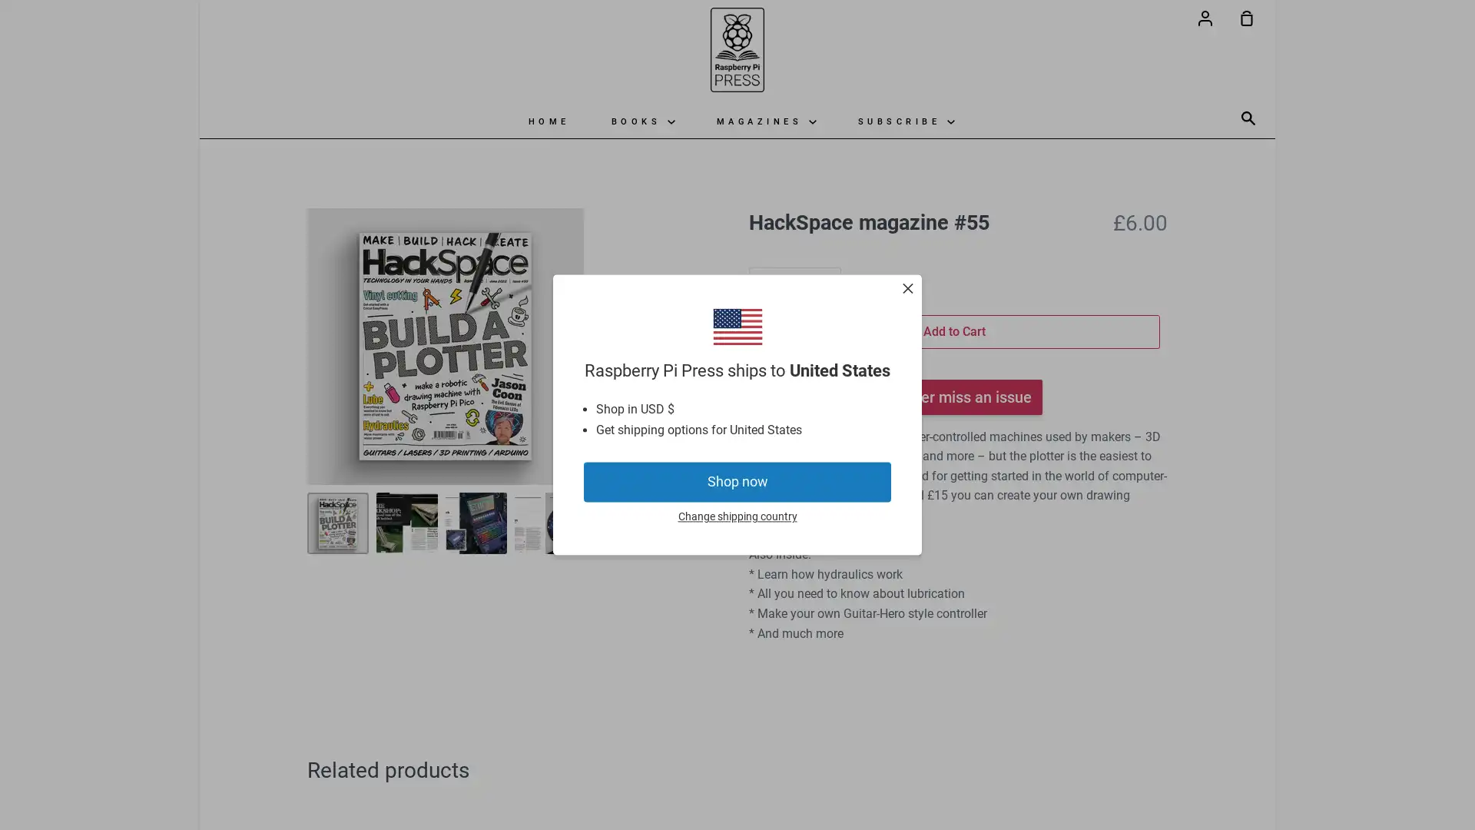 Image resolution: width=1475 pixels, height=830 pixels. Describe the element at coordinates (736, 516) in the screenshot. I see `Change shipping country` at that location.